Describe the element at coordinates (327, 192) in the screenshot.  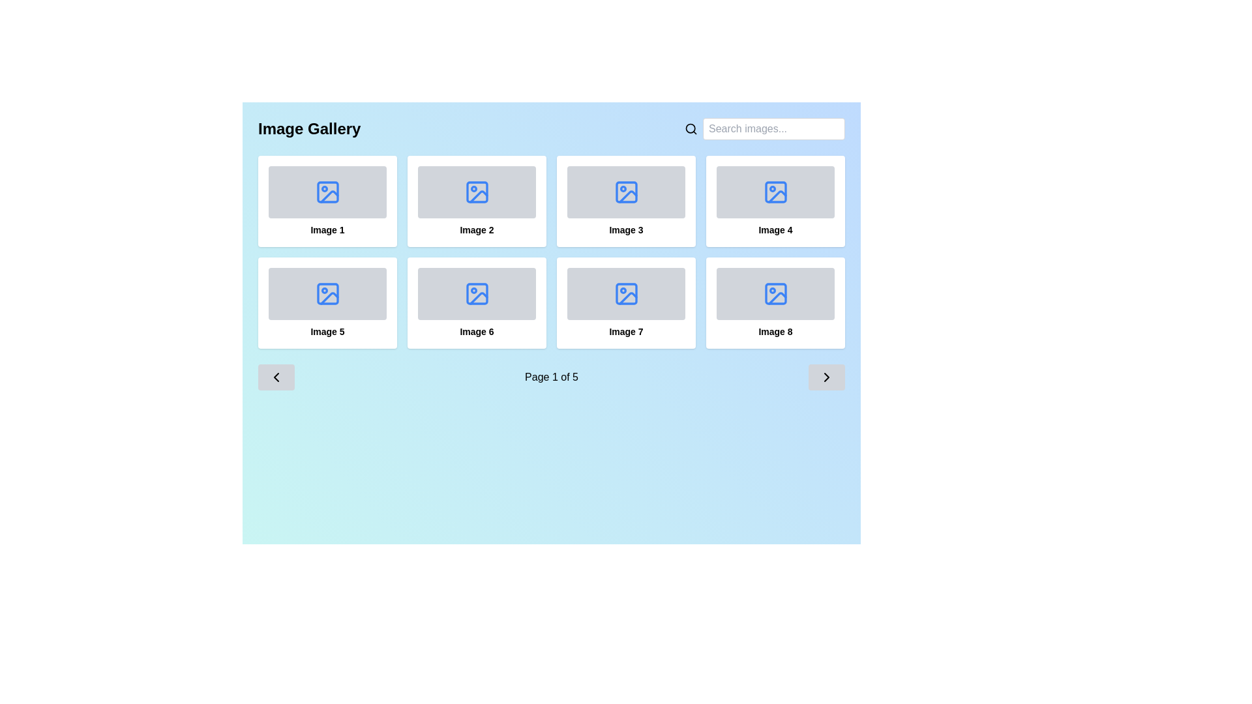
I see `the first image icon` at that location.